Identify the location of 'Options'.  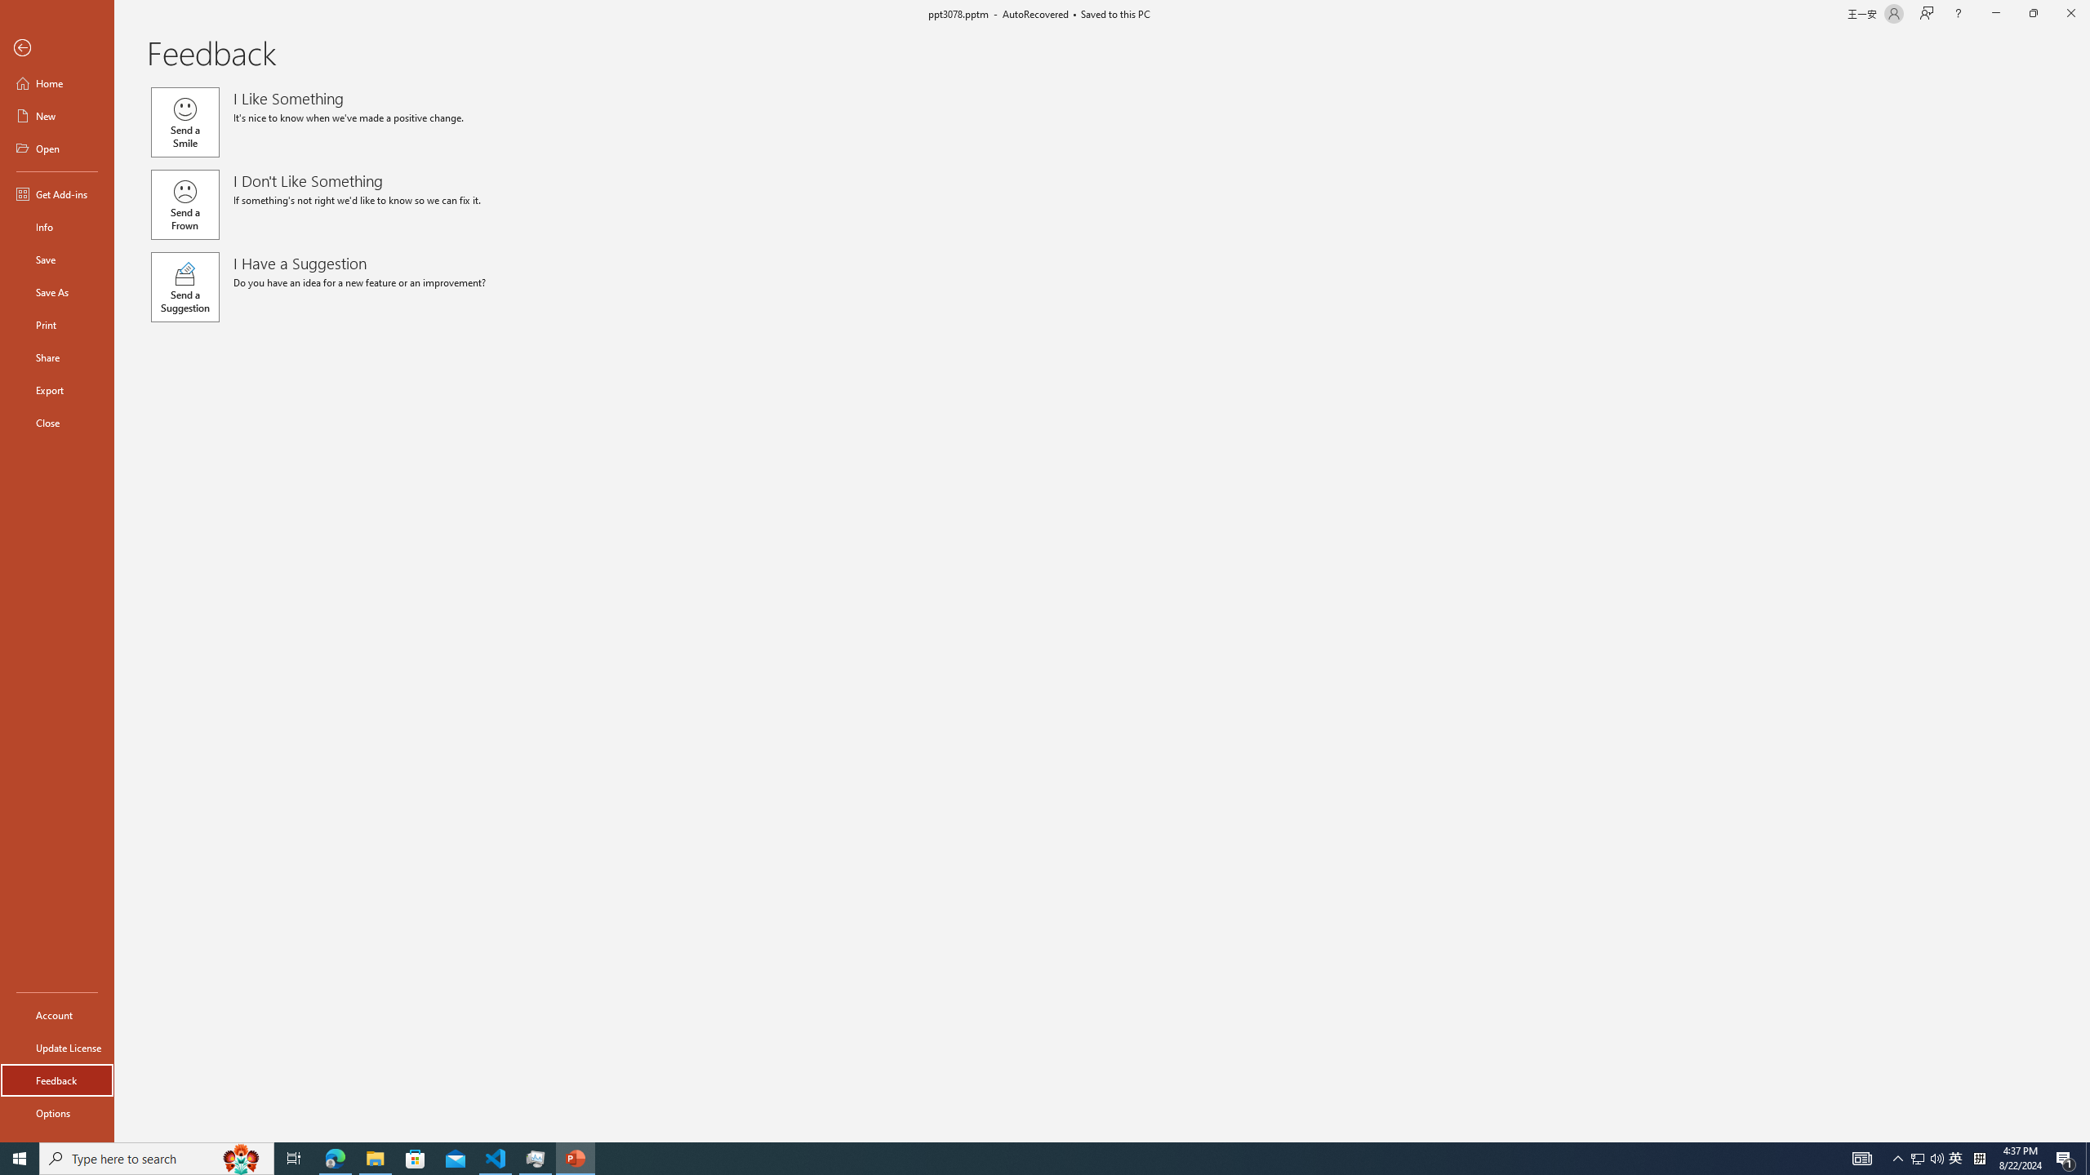
(56, 1112).